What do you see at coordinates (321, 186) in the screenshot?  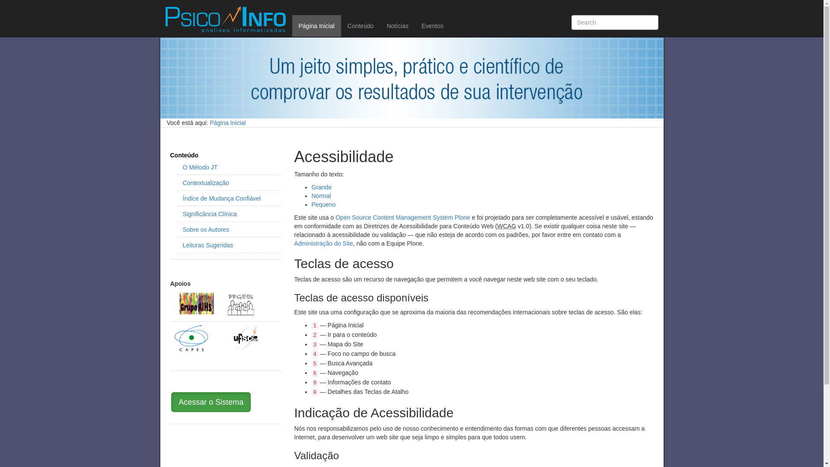 I see `'Grande'` at bounding box center [321, 186].